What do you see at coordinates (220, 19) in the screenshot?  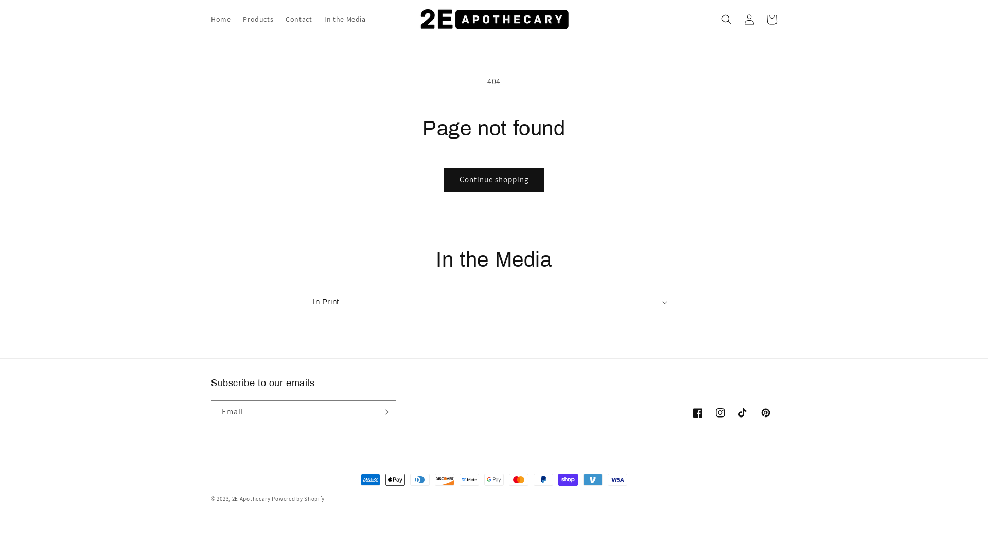 I see `'Home'` at bounding box center [220, 19].